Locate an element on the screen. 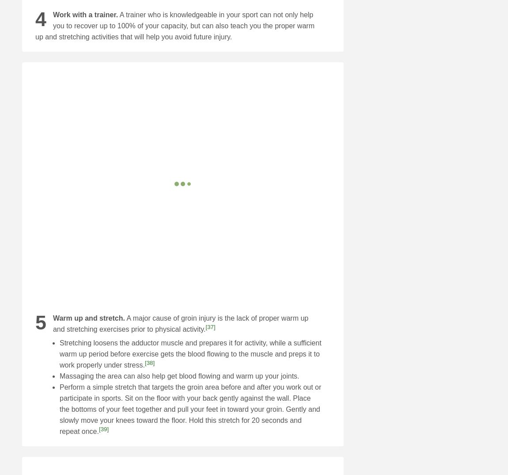  'Perform a simple stretch that targets the groin area before and after you work out or participate in sports. Sit on the floor with your back gently against the wall. Place the bottoms of your feet together and pull your feet in toward your groin. Gently and slowly move your knees toward the floor. Hold this stretch for 20 seconds and repeat once.' is located at coordinates (190, 409).